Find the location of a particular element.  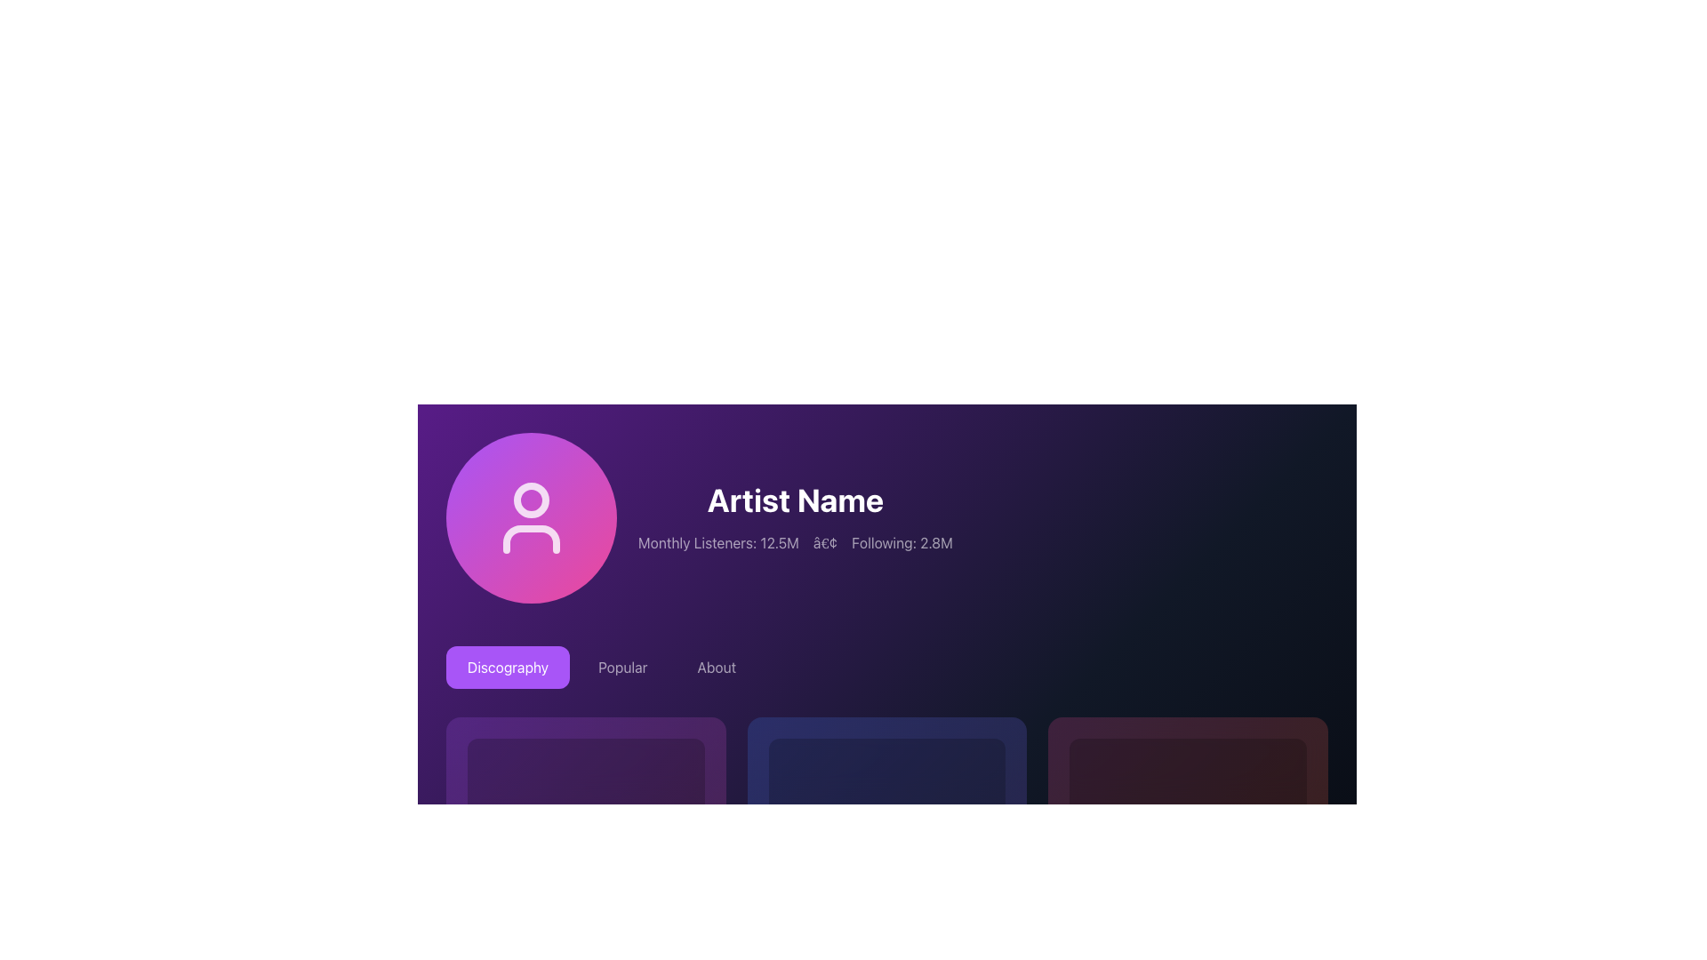

the text display providing statistical information regarding monthly listeners and followers of the artist, located below the heading "Artist Name" is located at coordinates (794, 541).